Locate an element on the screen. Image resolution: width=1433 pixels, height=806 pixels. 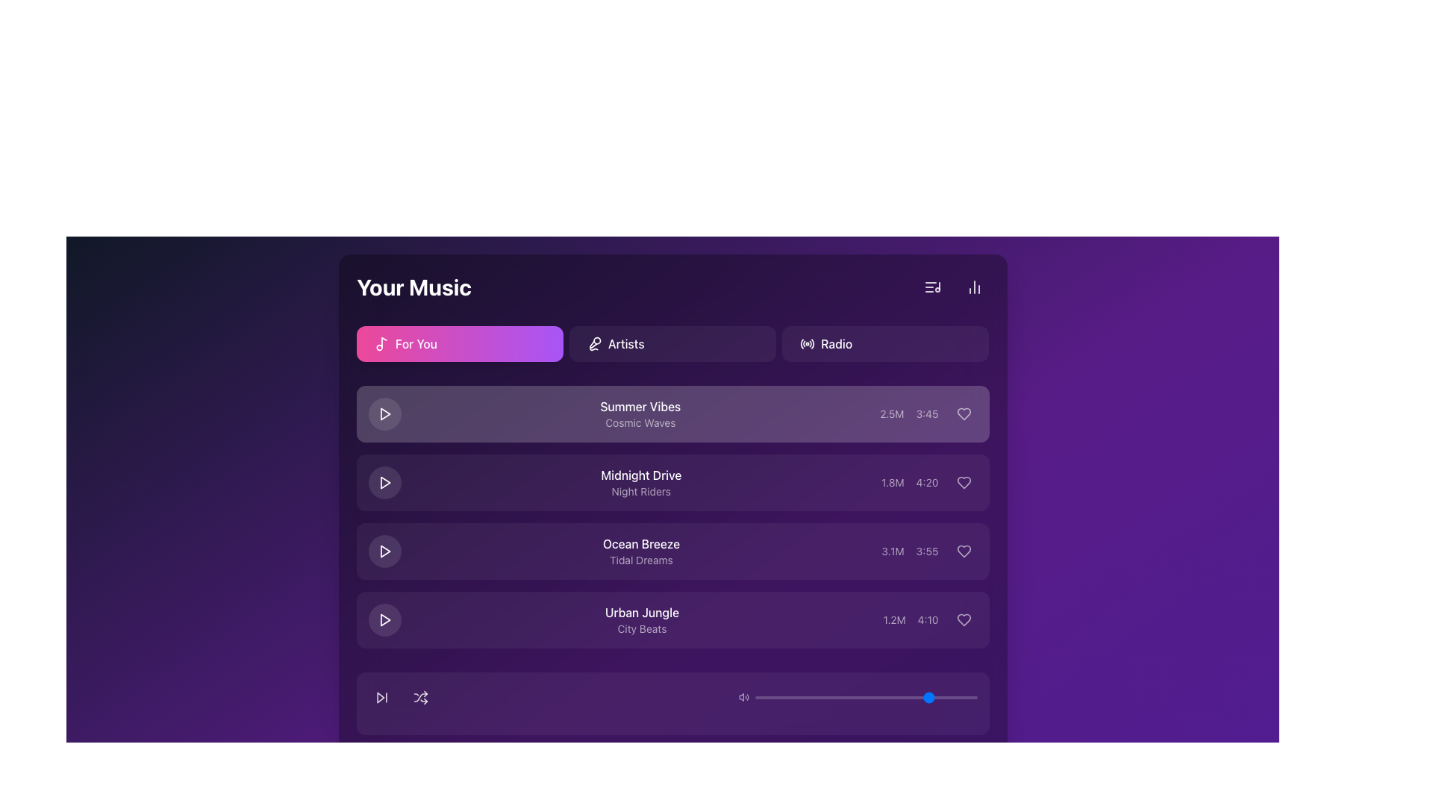
the heart-shaped icon button located to the far right of the track row labeled 'Midnight Drive' by 'Night Riders' is located at coordinates (964, 483).